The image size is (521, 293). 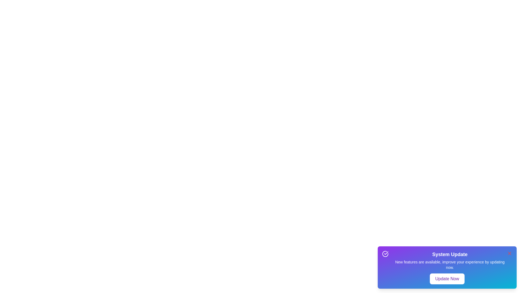 I want to click on the 'Update Now' button to proceed with the update, so click(x=447, y=279).